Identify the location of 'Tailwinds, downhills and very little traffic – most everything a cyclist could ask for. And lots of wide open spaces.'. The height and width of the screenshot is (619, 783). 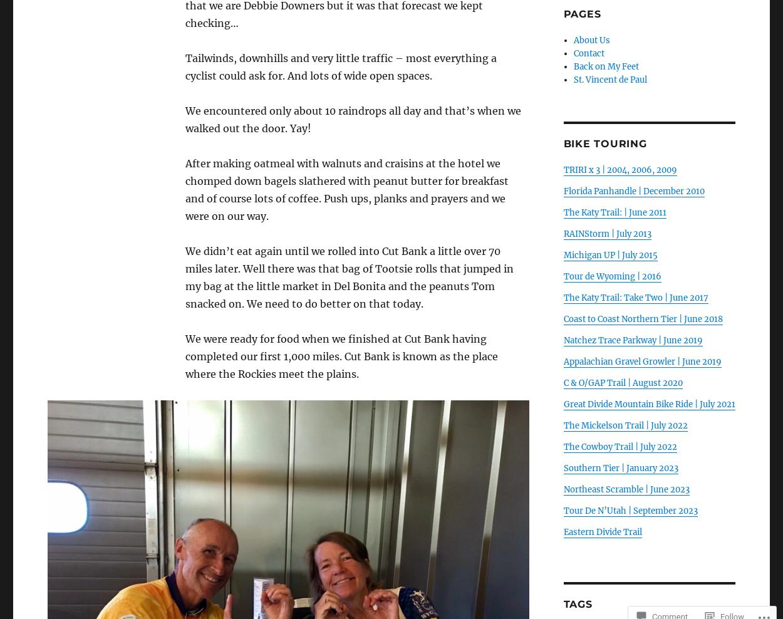
(340, 67).